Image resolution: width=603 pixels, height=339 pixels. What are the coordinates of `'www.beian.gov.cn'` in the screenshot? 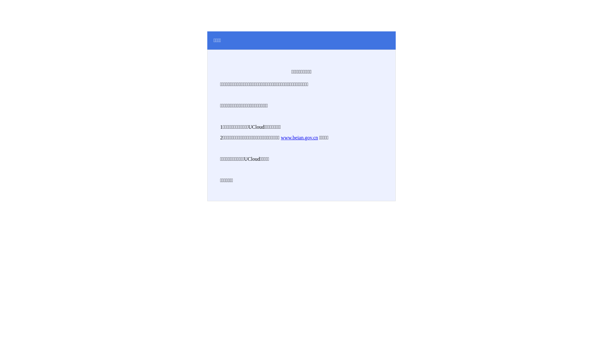 It's located at (280, 137).